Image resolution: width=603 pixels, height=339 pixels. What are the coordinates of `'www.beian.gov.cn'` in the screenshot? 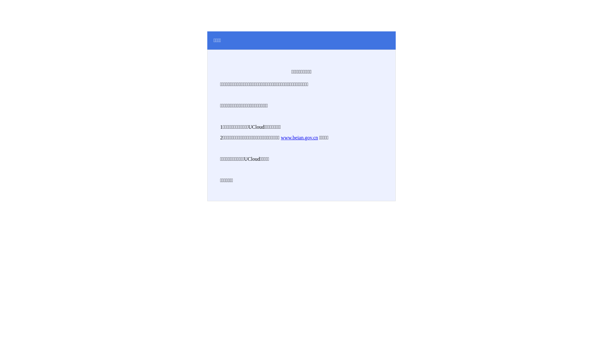 It's located at (280, 137).